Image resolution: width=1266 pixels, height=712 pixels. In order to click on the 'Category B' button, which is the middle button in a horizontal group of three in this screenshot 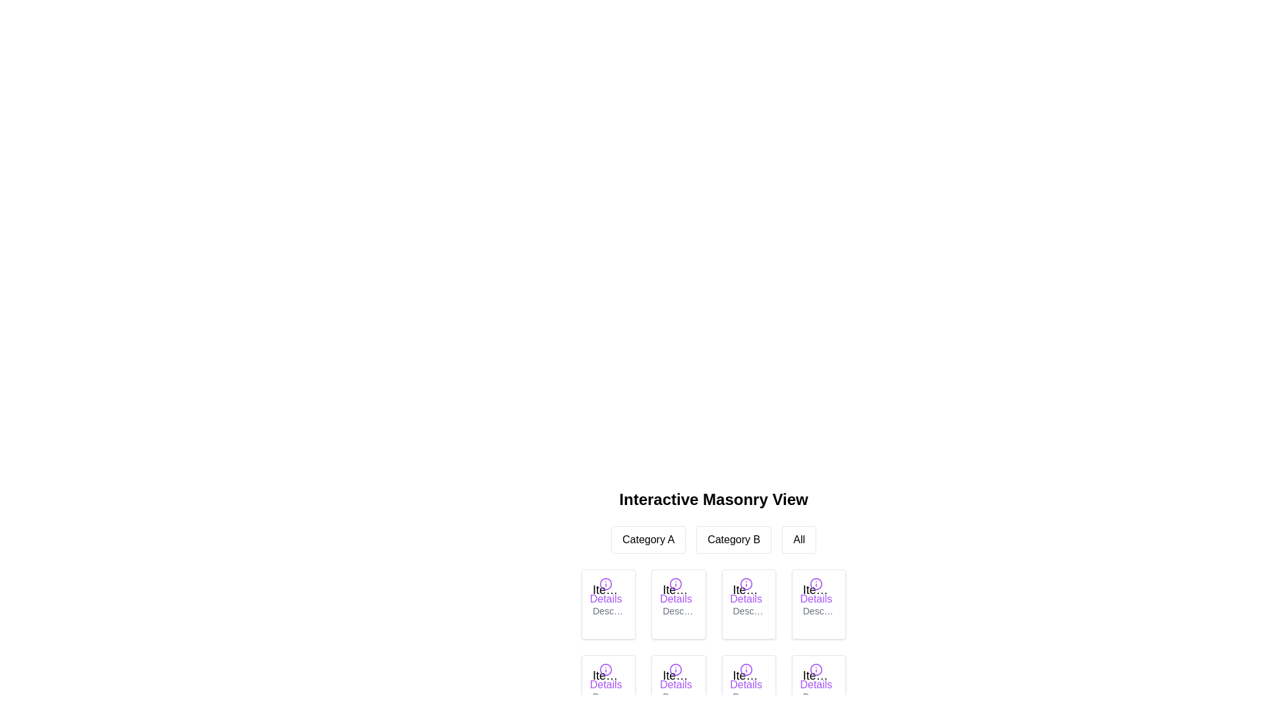, I will do `click(733, 539)`.